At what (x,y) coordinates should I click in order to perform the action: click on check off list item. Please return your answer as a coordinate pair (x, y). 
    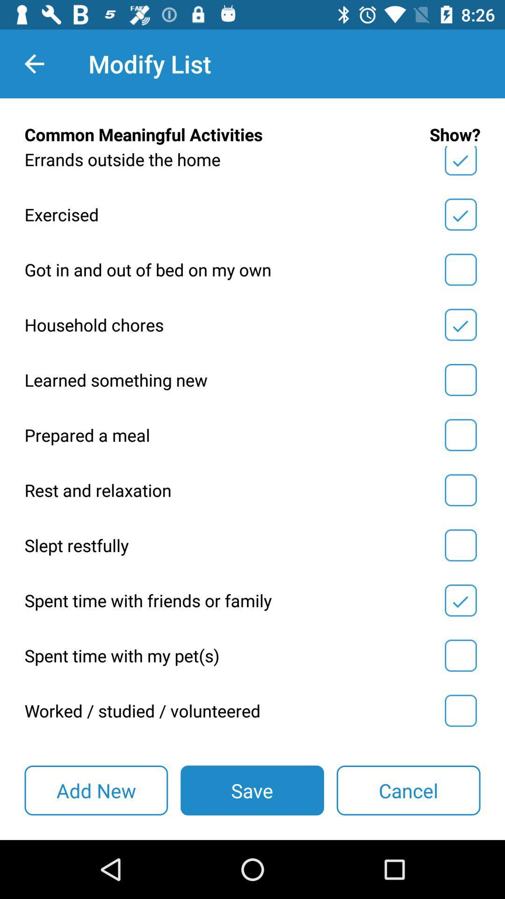
    Looking at the image, I should click on (460, 269).